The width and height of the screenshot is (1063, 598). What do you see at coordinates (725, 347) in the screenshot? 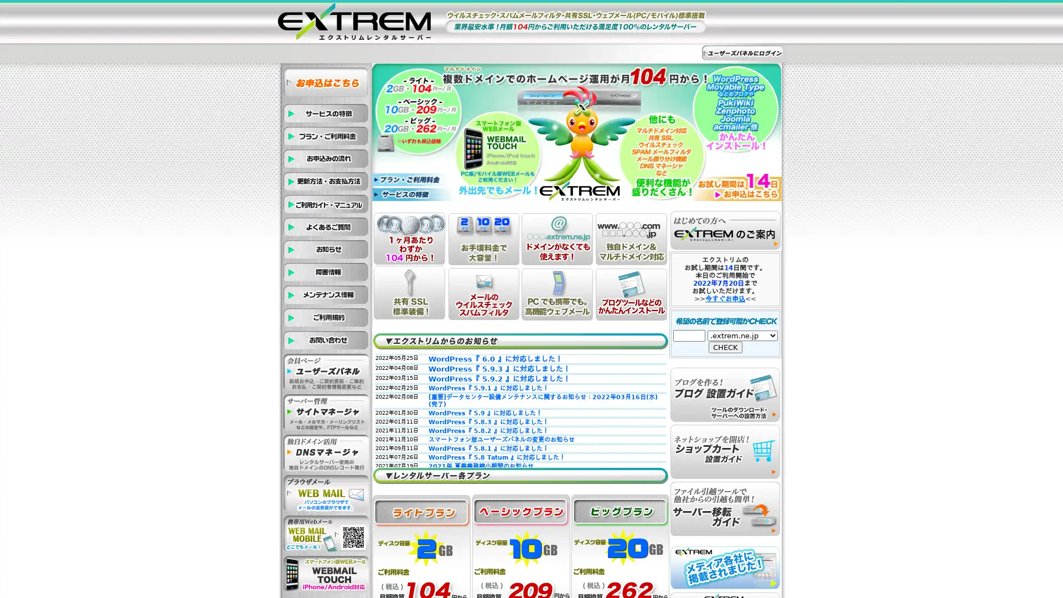
I see `CHECK` at bounding box center [725, 347].